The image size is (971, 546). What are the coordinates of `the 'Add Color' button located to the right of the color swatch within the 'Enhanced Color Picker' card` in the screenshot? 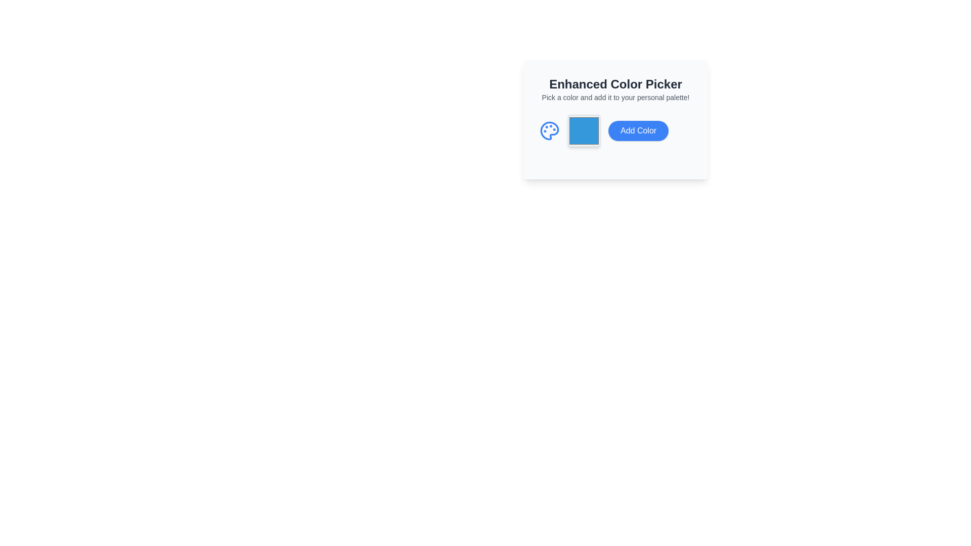 It's located at (638, 130).